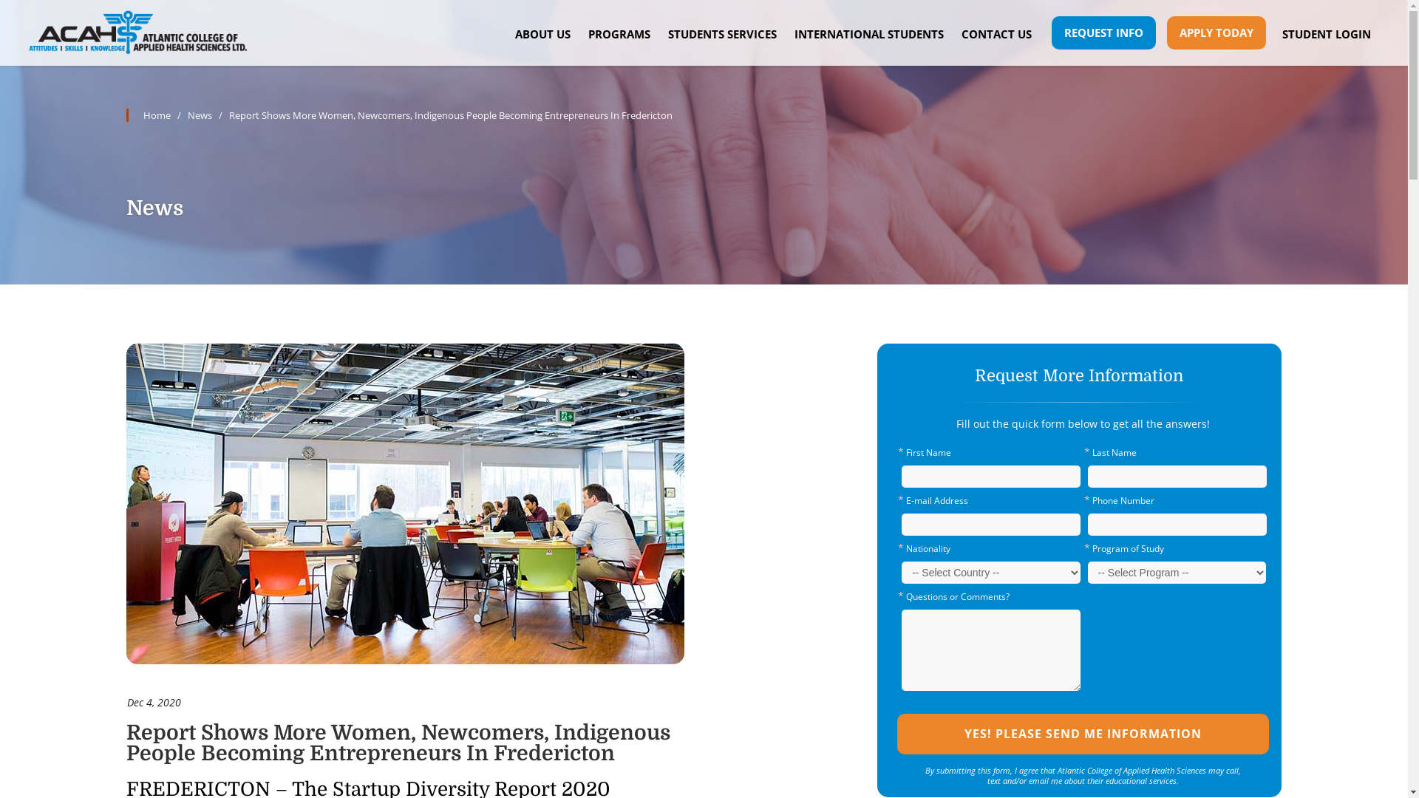  I want to click on 'INTERNATIONAL STUDENTS', so click(869, 33).